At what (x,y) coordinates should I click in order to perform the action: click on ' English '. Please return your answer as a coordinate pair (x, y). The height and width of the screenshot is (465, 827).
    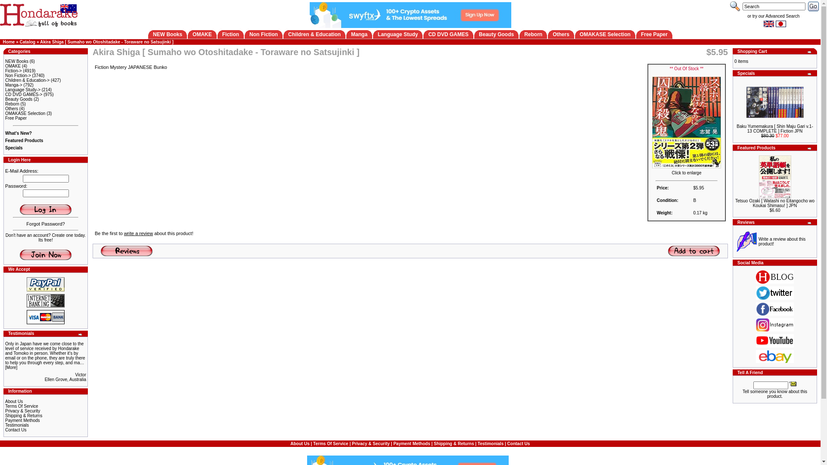
    Looking at the image, I should click on (768, 23).